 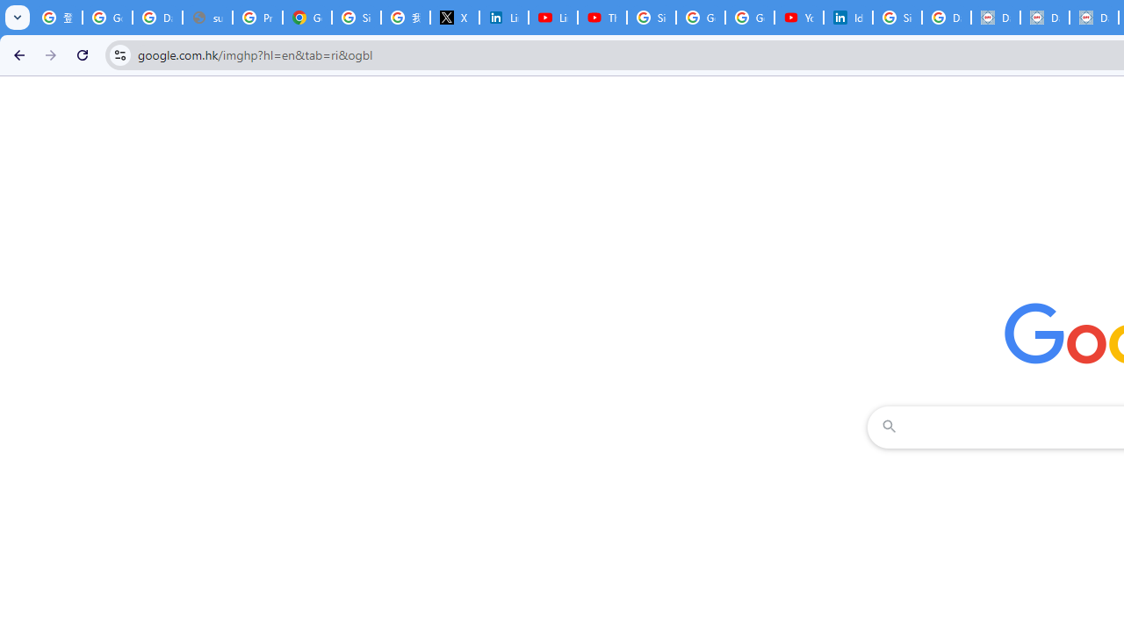 What do you see at coordinates (355, 18) in the screenshot?
I see `'Sign in - Google Accounts'` at bounding box center [355, 18].